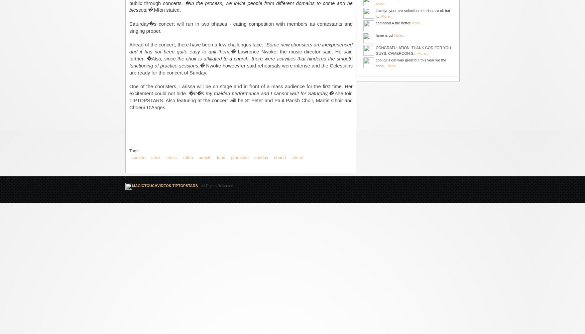 The height and width of the screenshot is (334, 585). I want to click on 'Lawrence Nwoke, the music director said. He said further: �', so click(241, 55).